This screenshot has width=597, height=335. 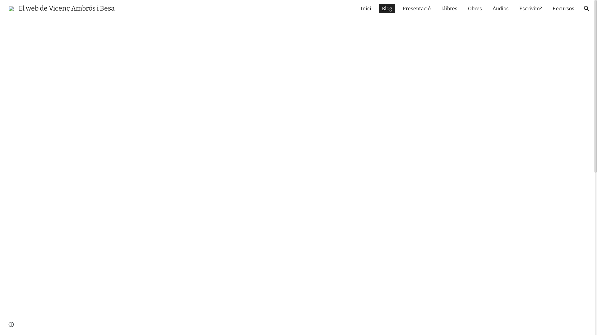 I want to click on 'Escrivim?', so click(x=530, y=8).